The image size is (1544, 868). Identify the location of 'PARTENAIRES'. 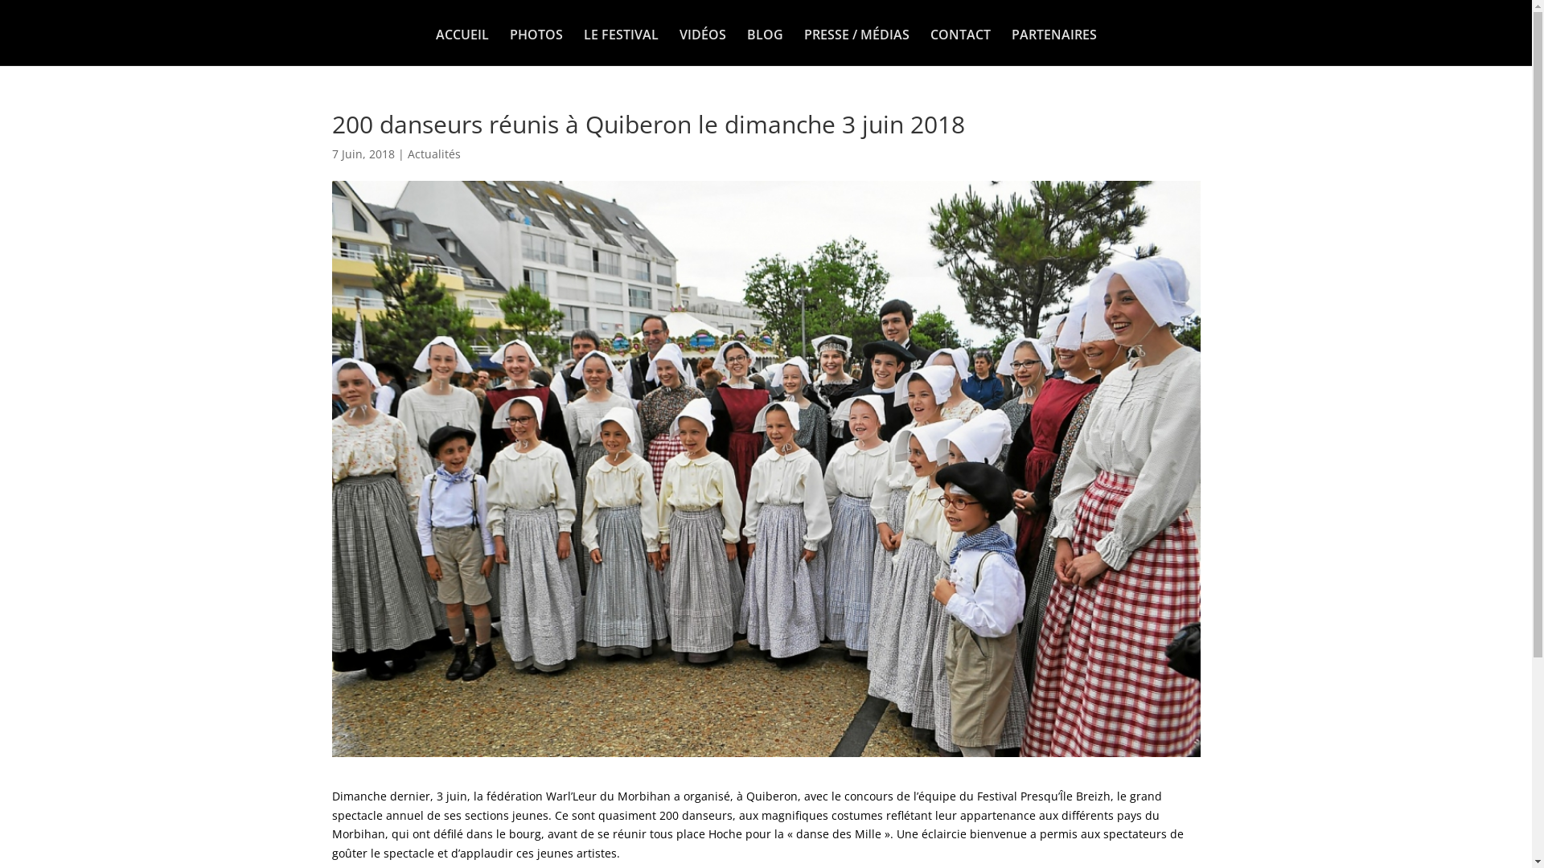
(1053, 46).